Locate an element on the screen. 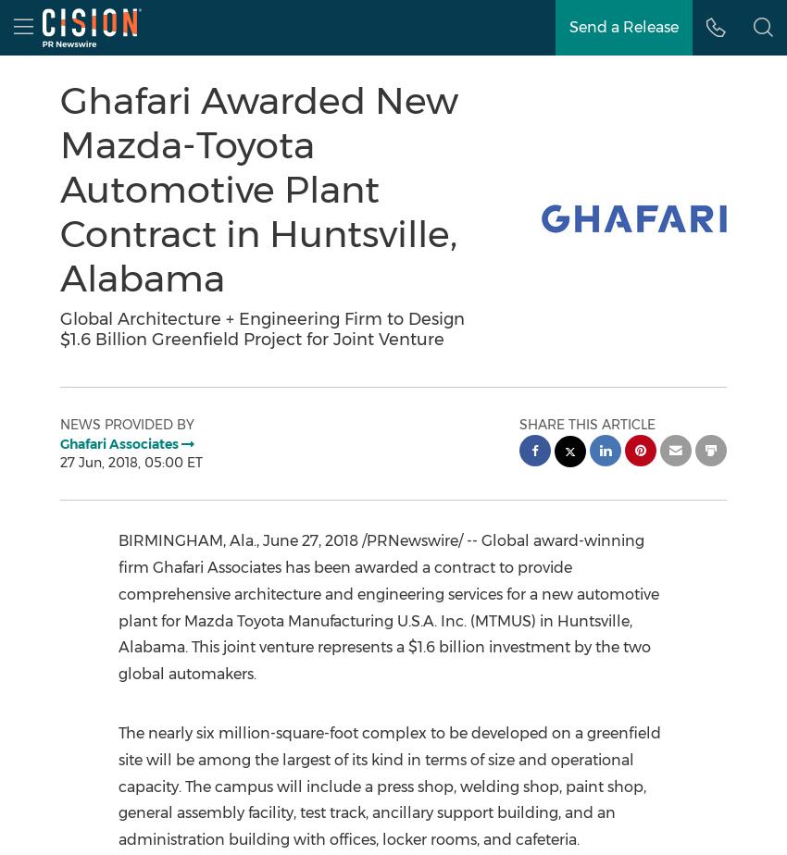 The height and width of the screenshot is (855, 787). 'Huntsville, Alabama' is located at coordinates (374, 633).